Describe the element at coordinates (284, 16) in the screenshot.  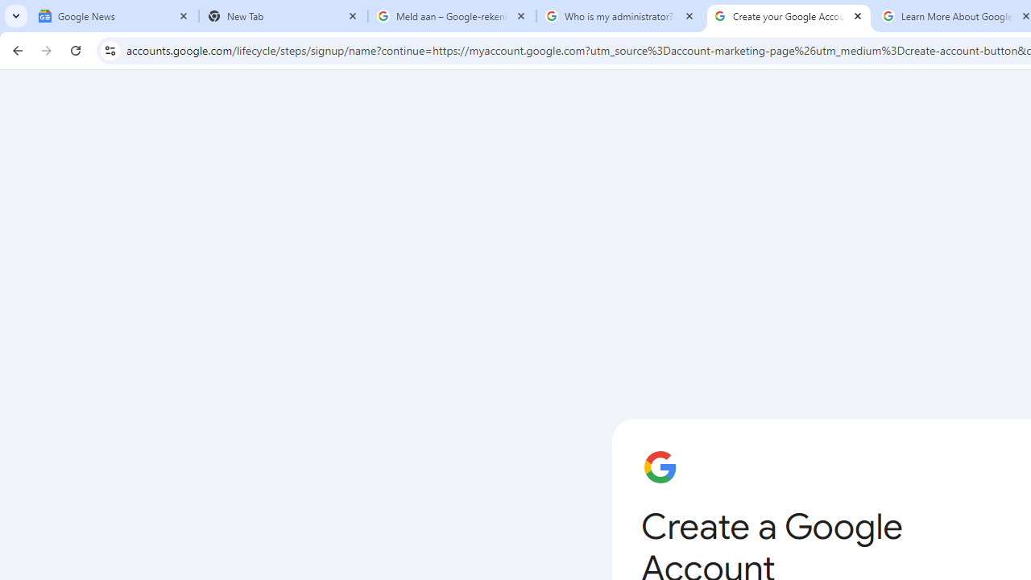
I see `'New Tab'` at that location.